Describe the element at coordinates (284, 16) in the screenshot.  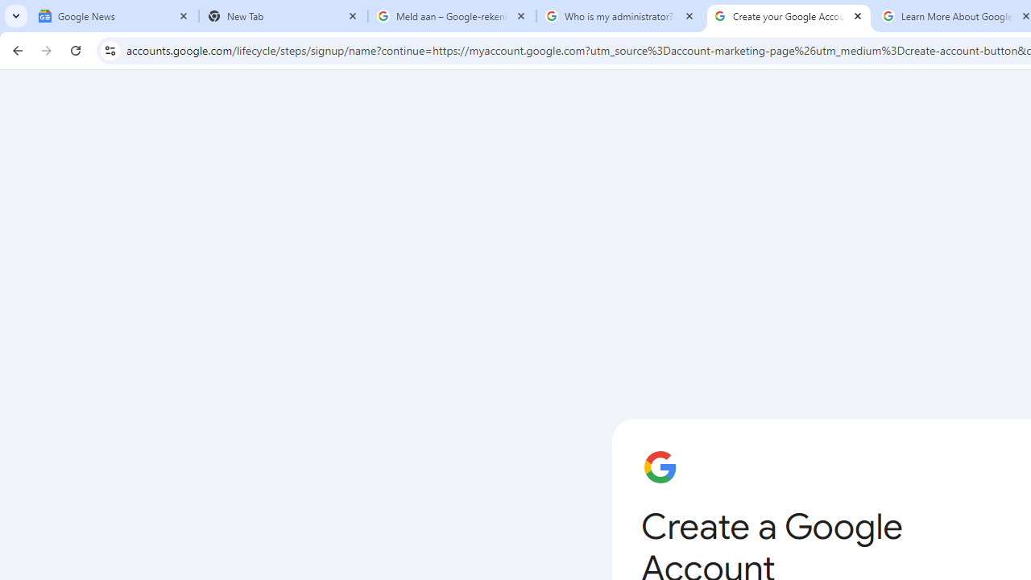
I see `'New Tab'` at that location.